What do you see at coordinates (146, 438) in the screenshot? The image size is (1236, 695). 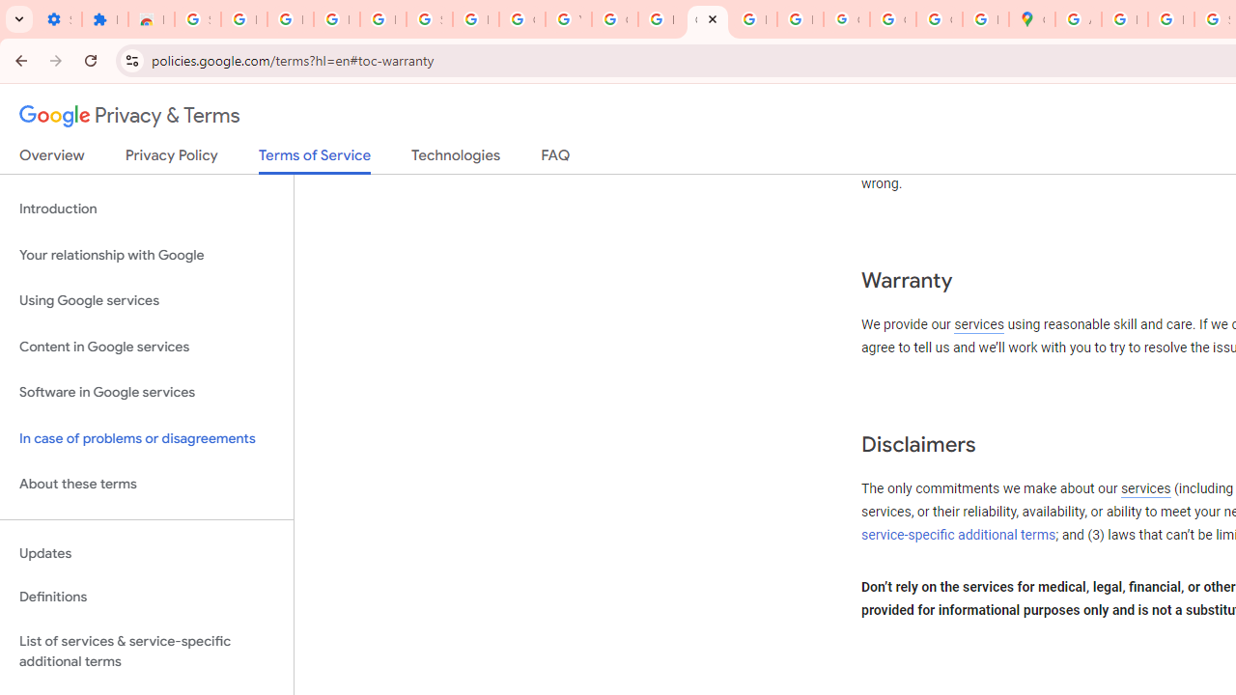 I see `'In case of problems or disagreements'` at bounding box center [146, 438].